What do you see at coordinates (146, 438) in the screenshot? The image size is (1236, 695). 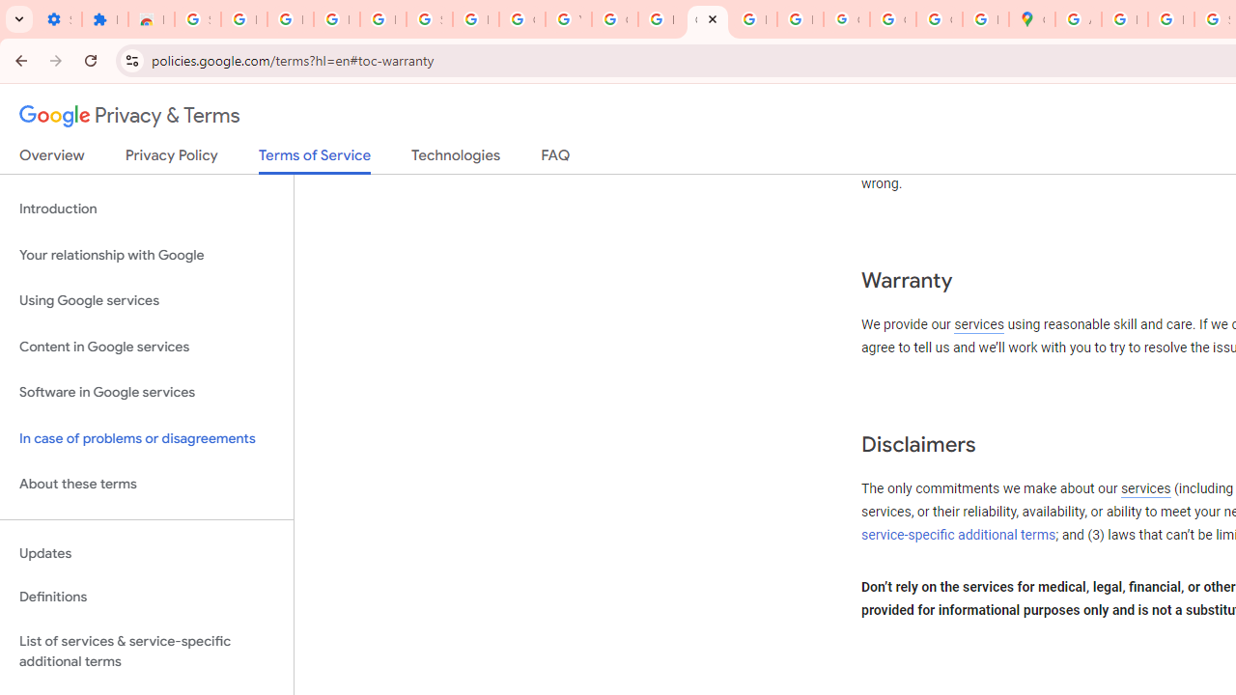 I see `'In case of problems or disagreements'` at bounding box center [146, 438].